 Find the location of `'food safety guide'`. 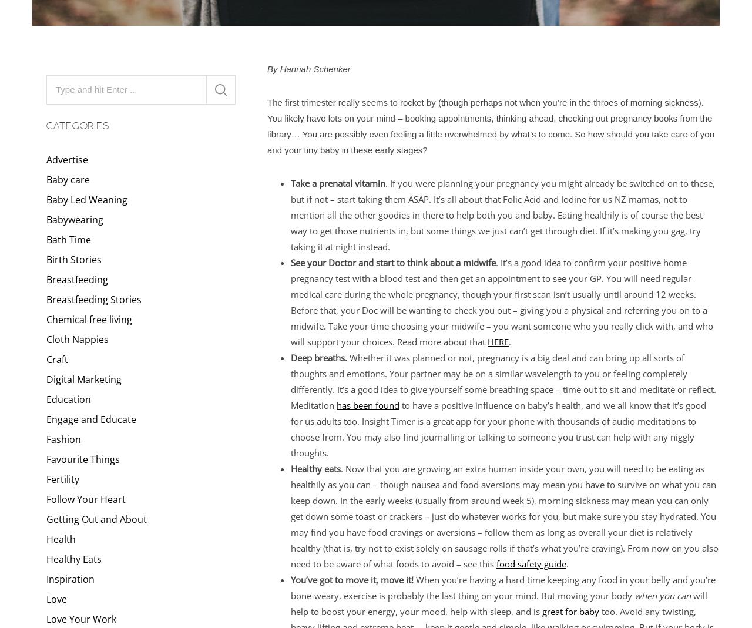

'food safety guide' is located at coordinates (531, 562).